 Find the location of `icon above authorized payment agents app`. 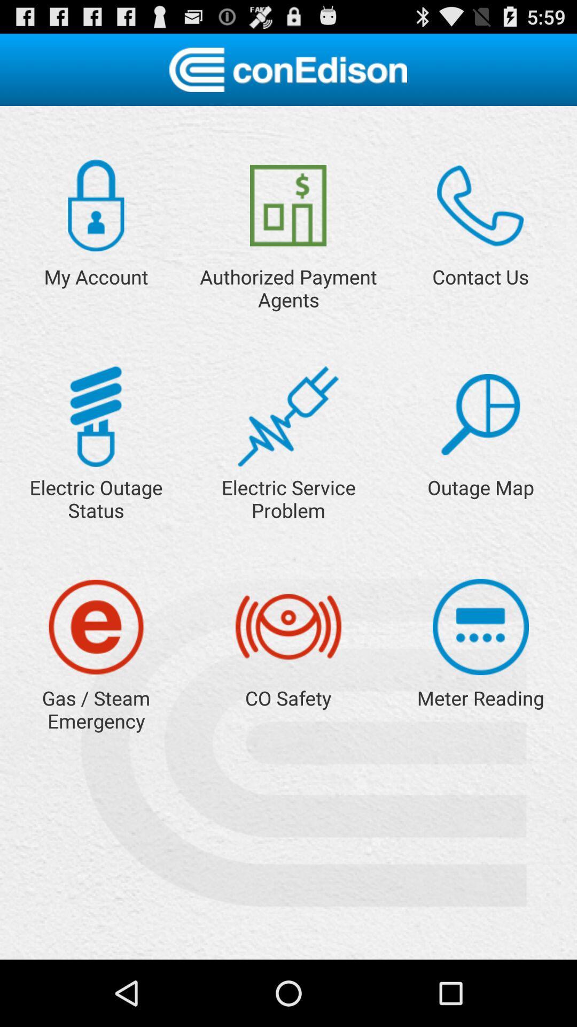

icon above authorized payment agents app is located at coordinates (287, 205).